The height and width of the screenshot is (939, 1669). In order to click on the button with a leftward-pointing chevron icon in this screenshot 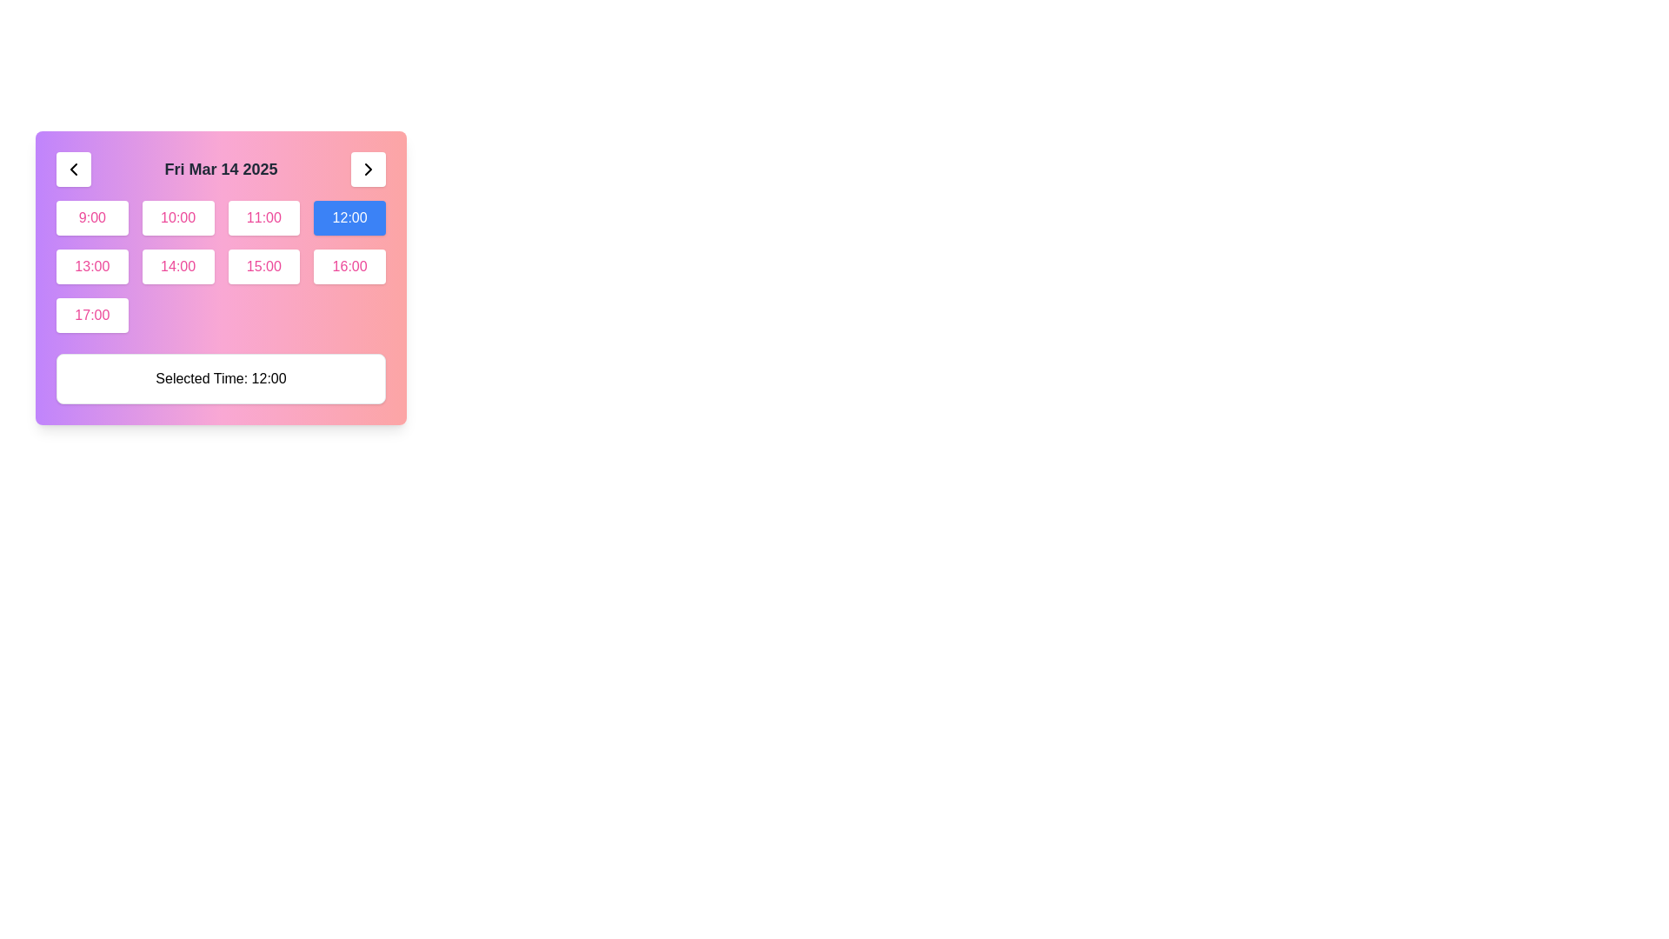, I will do `click(73, 170)`.